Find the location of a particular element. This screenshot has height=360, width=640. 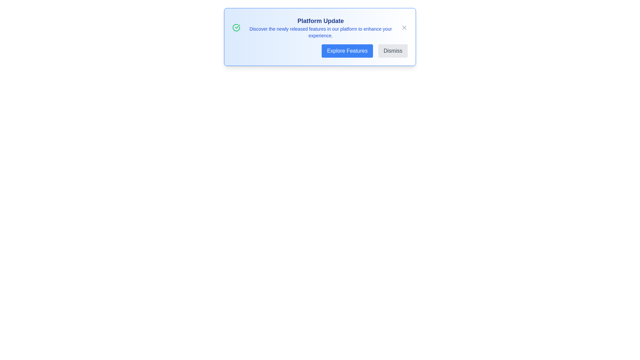

close button to dismiss the alert is located at coordinates (404, 27).